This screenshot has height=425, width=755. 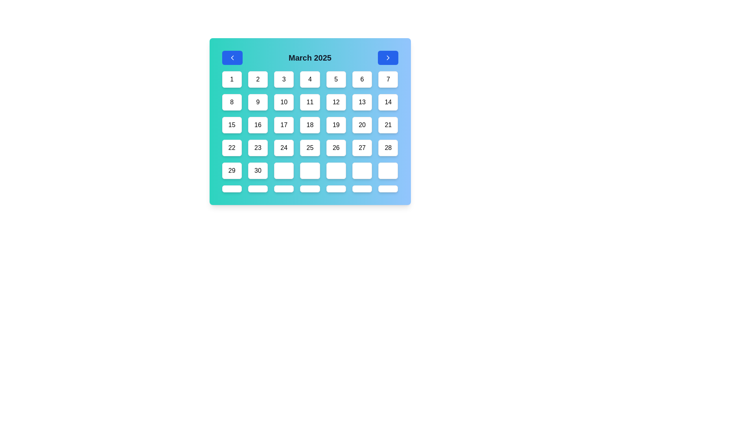 I want to click on the button cell labeled '12' in the calendar grid, so click(x=336, y=102).